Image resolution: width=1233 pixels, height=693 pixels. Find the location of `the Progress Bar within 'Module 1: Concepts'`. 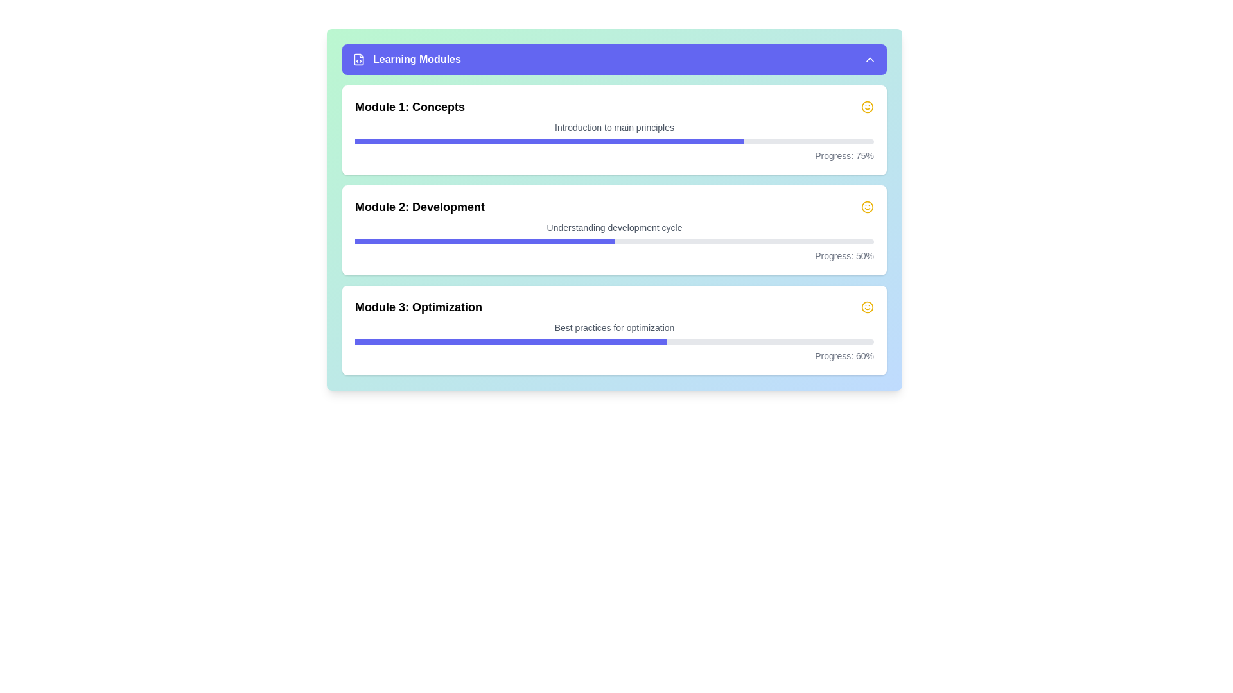

the Progress Bar within 'Module 1: Concepts' is located at coordinates (613, 141).